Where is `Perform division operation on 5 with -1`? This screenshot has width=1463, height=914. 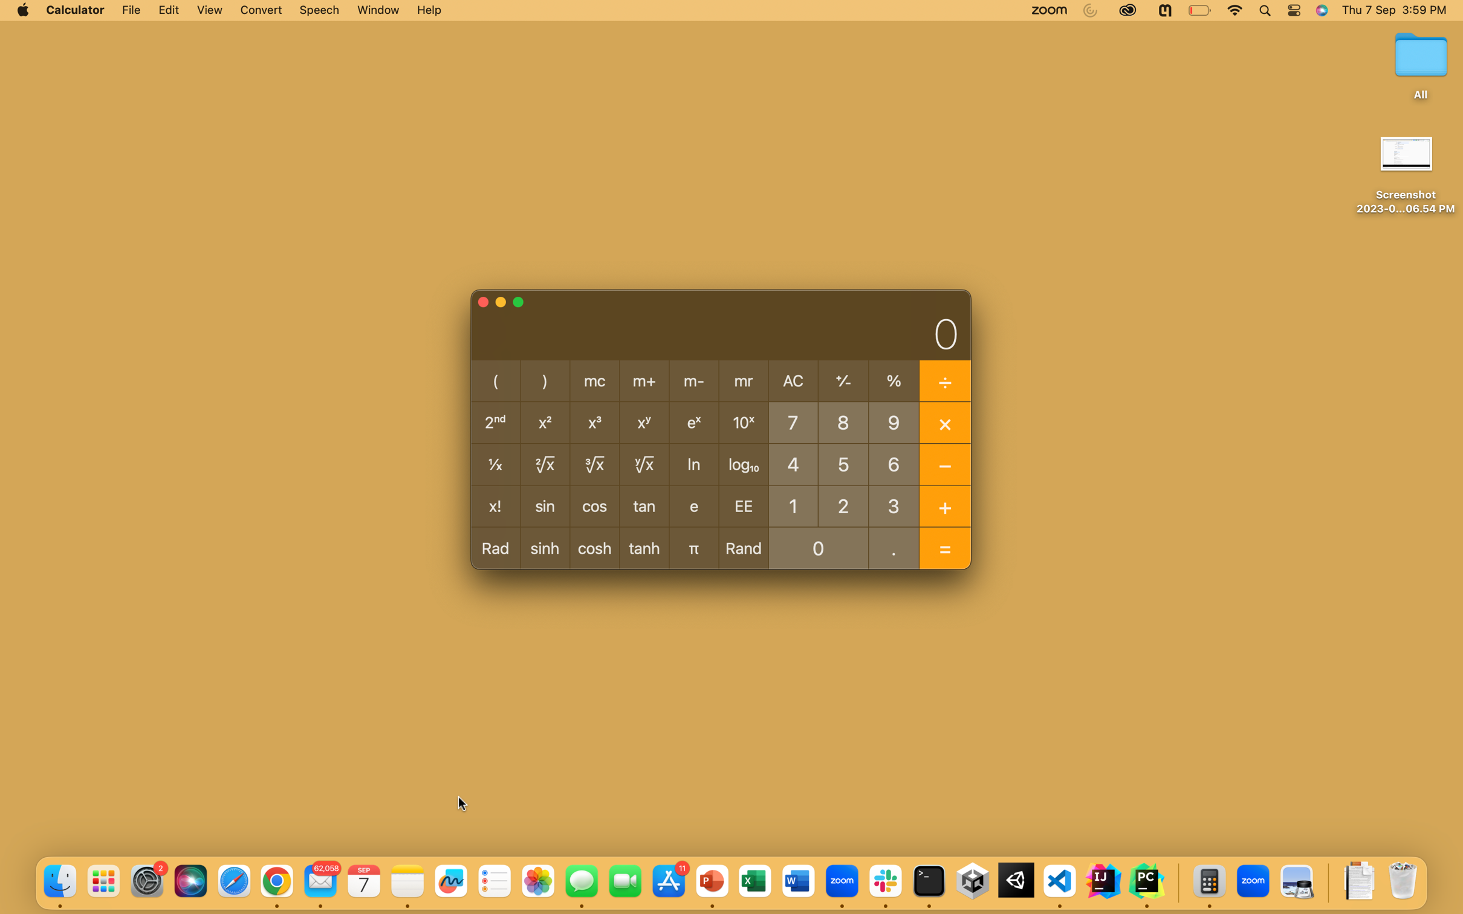 Perform division operation on 5 with -1 is located at coordinates (843, 462).